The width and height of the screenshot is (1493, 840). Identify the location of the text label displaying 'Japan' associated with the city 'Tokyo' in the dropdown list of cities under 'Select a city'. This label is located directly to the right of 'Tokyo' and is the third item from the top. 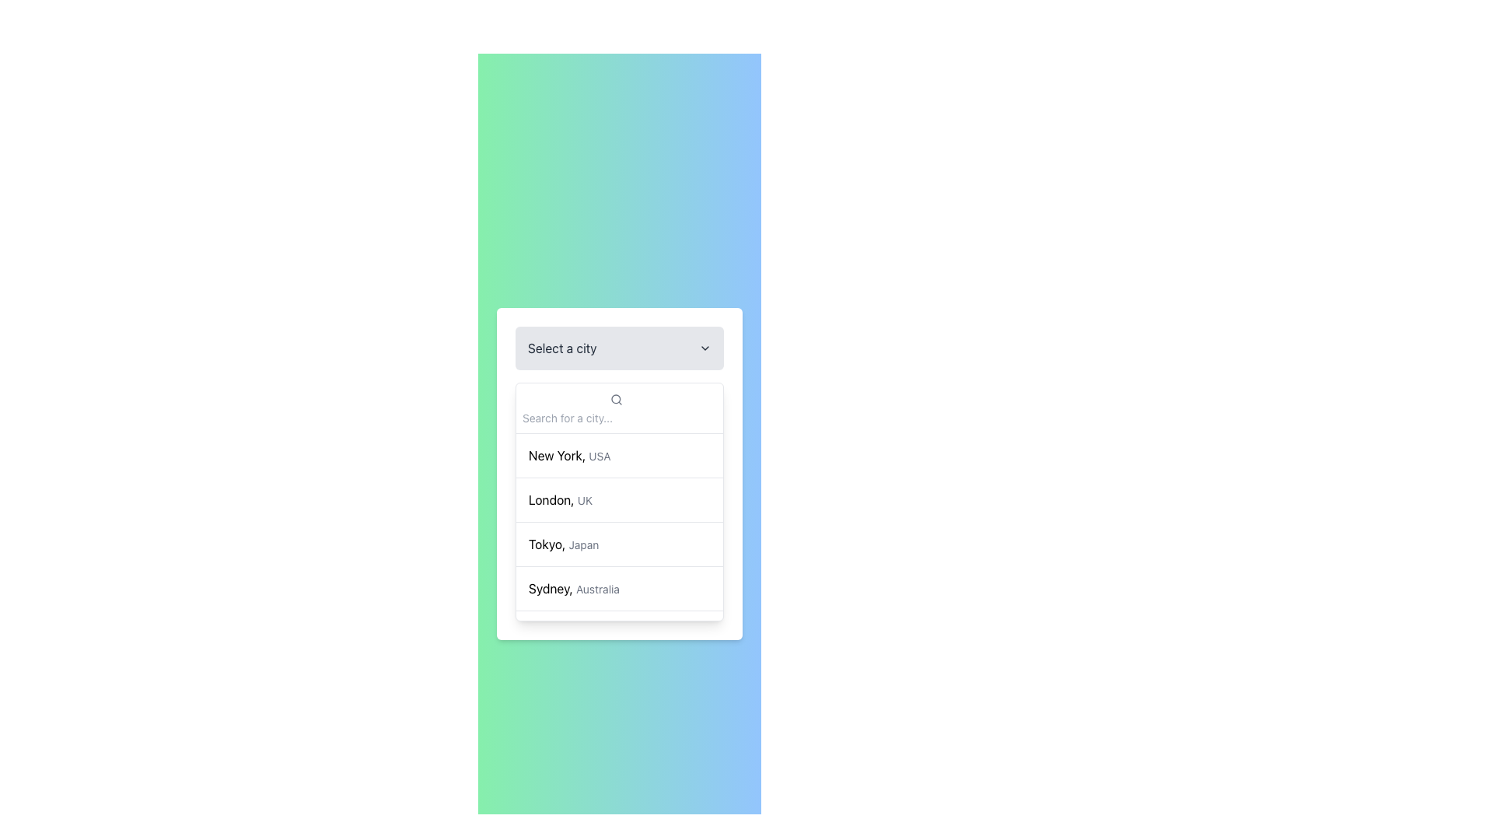
(582, 543).